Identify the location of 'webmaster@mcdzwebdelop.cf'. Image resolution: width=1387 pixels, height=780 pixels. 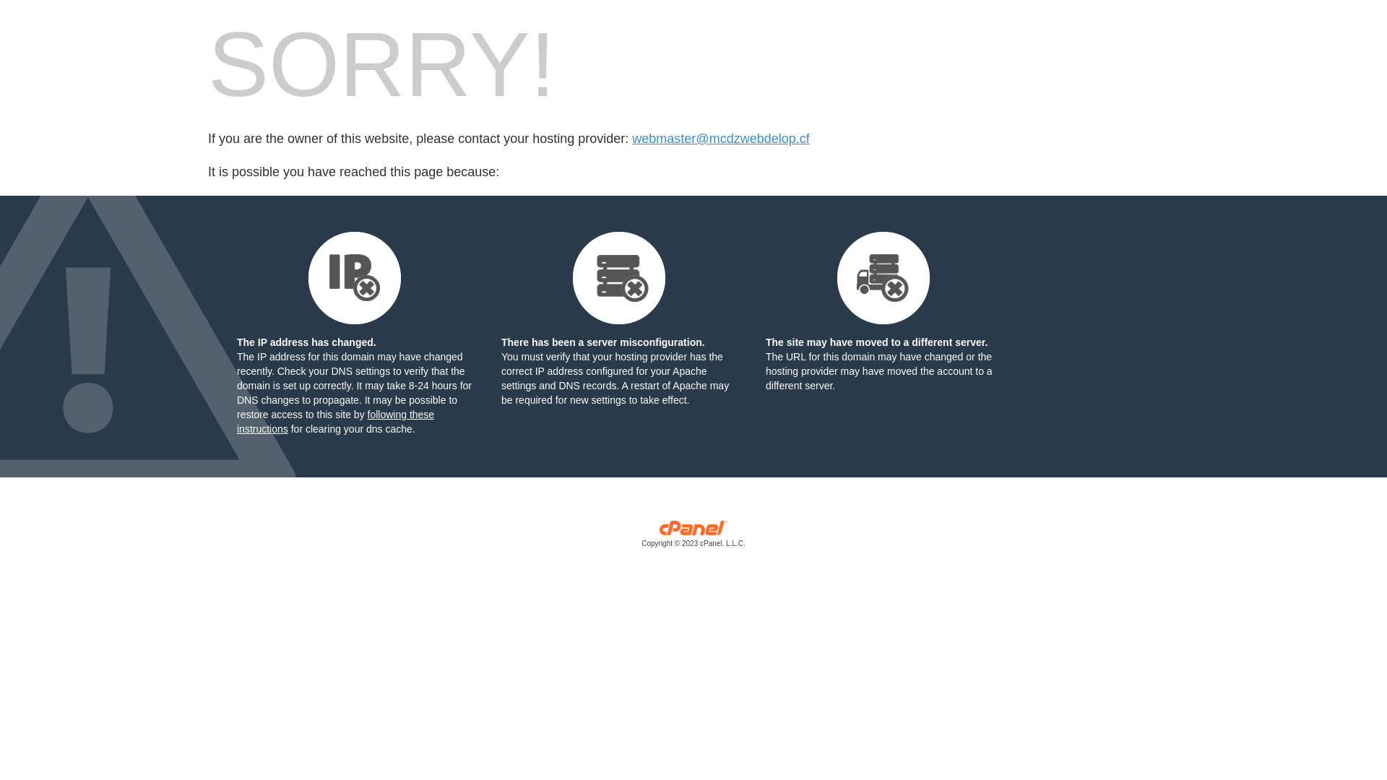
(720, 139).